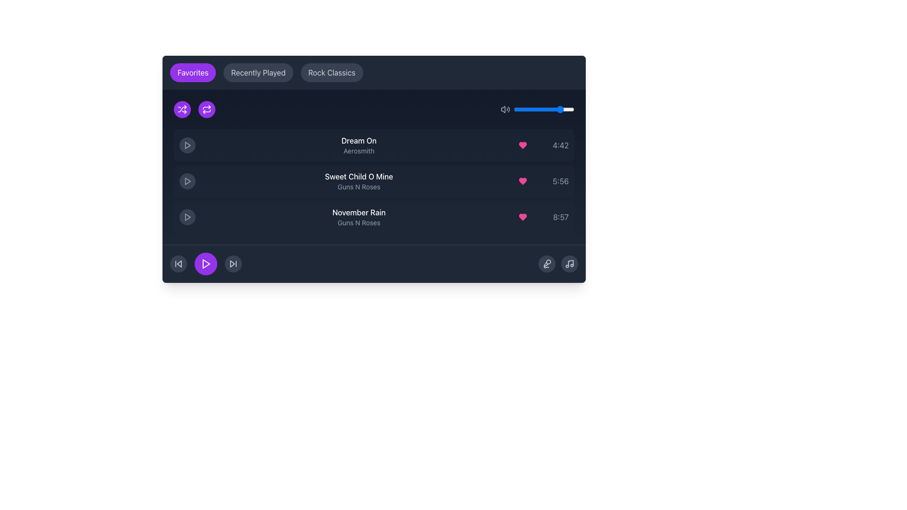 The height and width of the screenshot is (510, 907). I want to click on to select a song from the interactive song list displayed in the music player interface, so click(374, 167).